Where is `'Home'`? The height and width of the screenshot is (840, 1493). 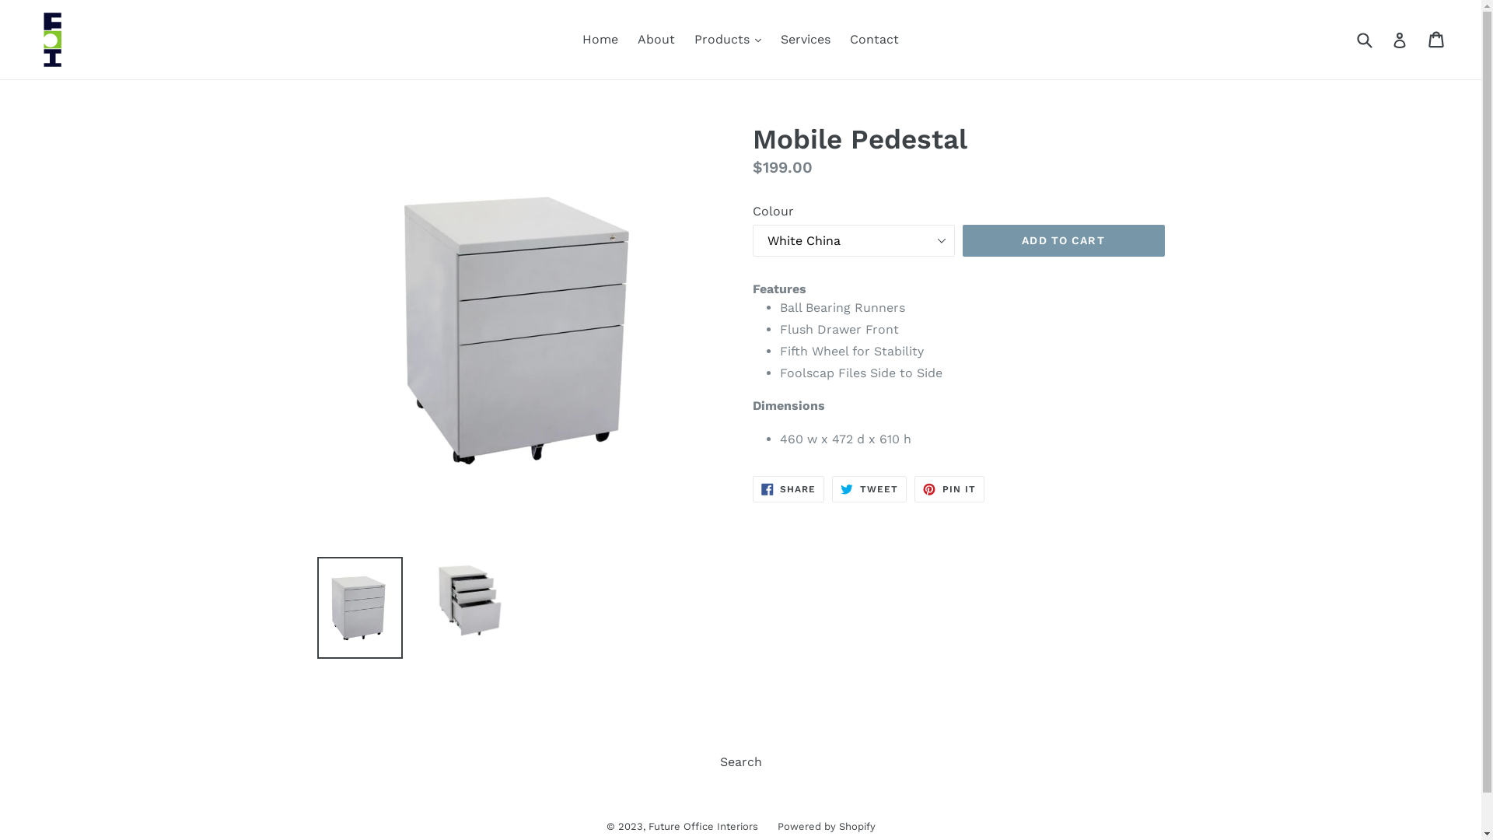 'Home' is located at coordinates (600, 38).